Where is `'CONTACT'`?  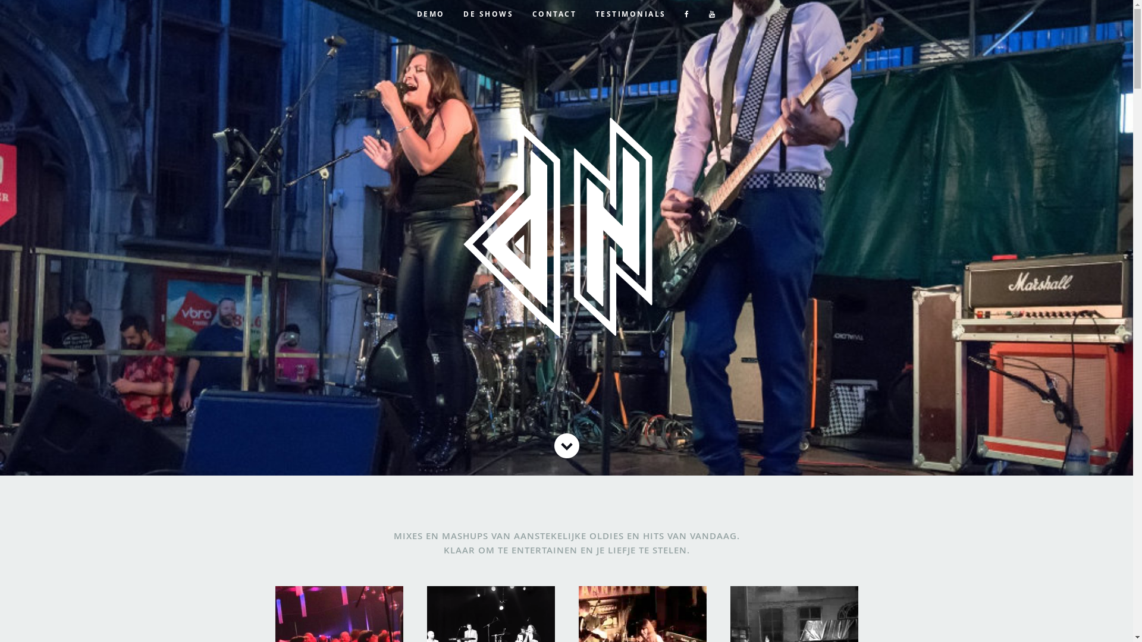
'CONTACT' is located at coordinates (554, 14).